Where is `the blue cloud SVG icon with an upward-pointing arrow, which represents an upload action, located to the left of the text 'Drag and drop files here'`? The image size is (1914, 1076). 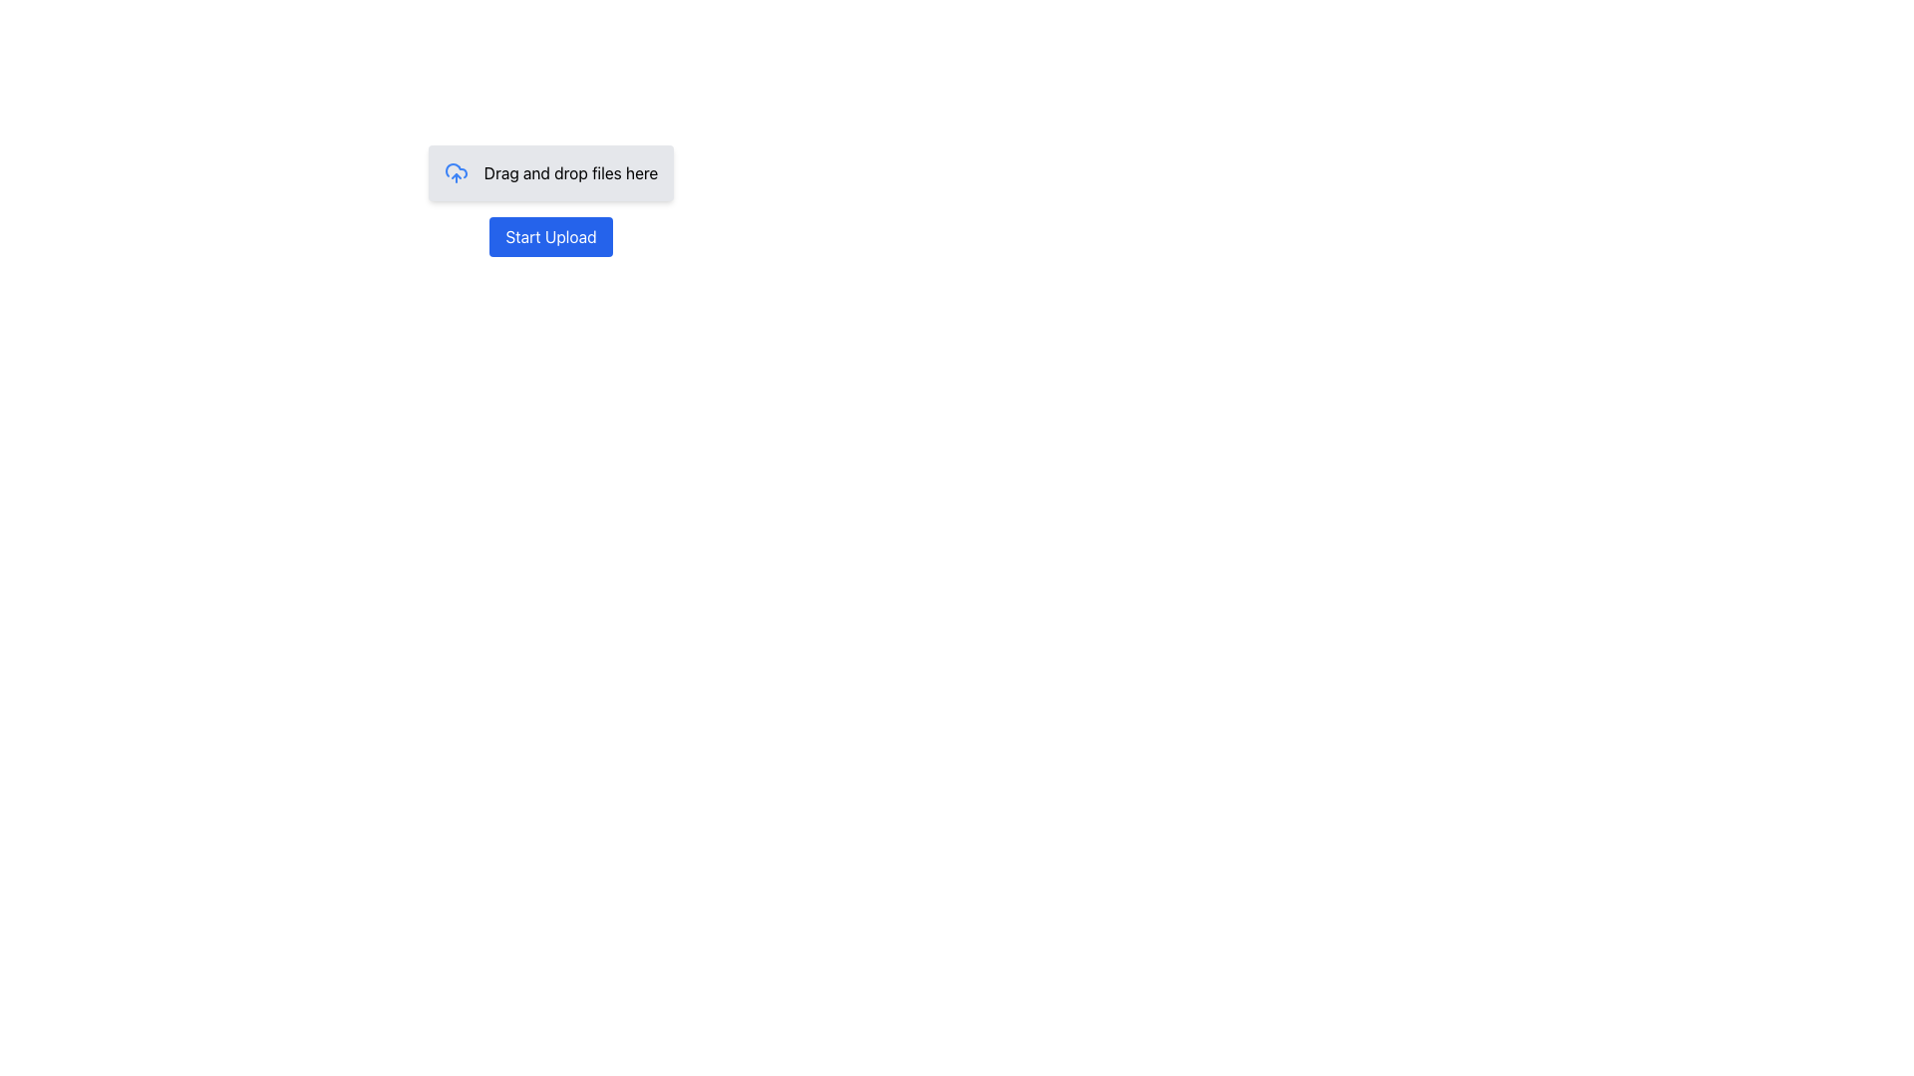
the blue cloud SVG icon with an upward-pointing arrow, which represents an upload action, located to the left of the text 'Drag and drop files here' is located at coordinates (455, 171).